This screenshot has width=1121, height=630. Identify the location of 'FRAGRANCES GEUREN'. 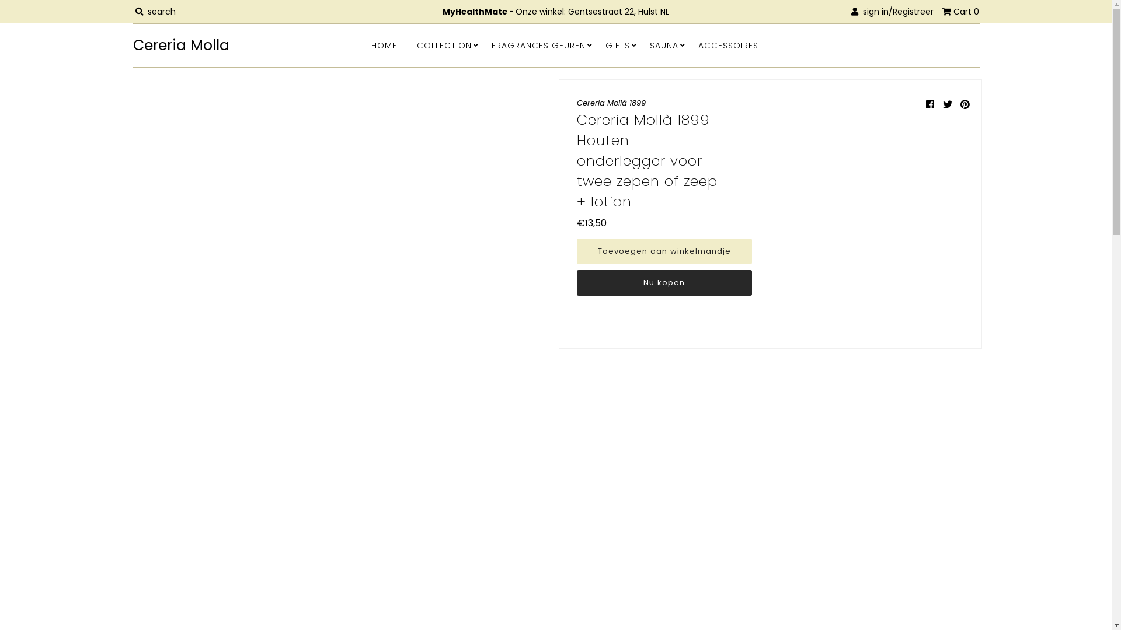
(538, 44).